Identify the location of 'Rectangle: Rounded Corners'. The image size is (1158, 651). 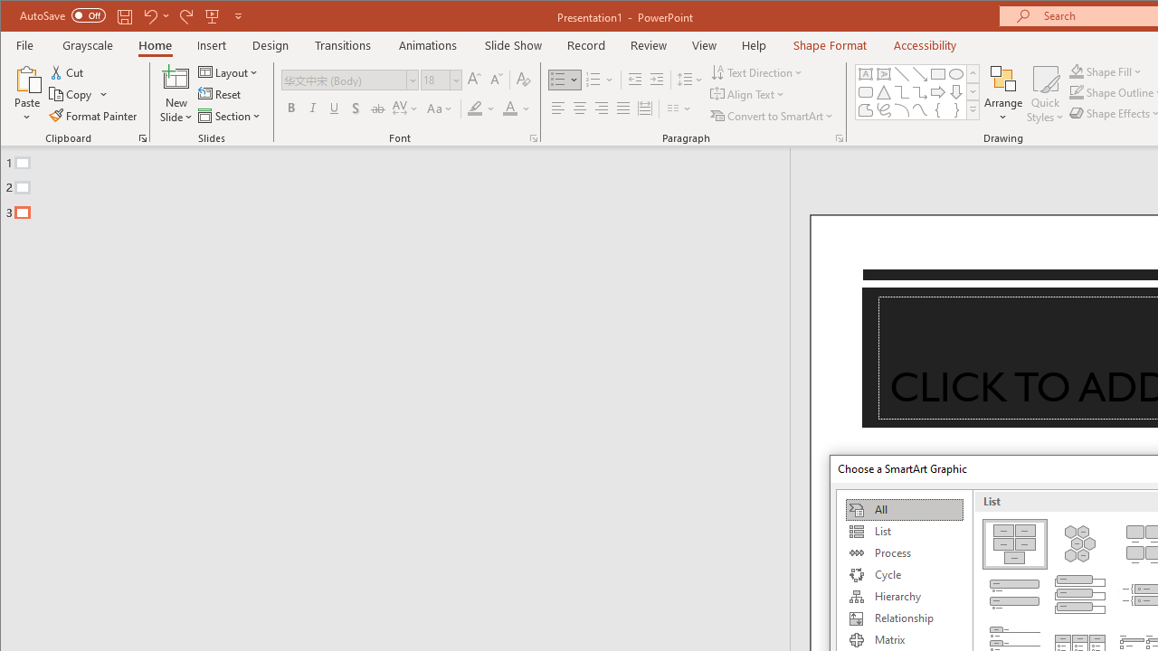
(864, 92).